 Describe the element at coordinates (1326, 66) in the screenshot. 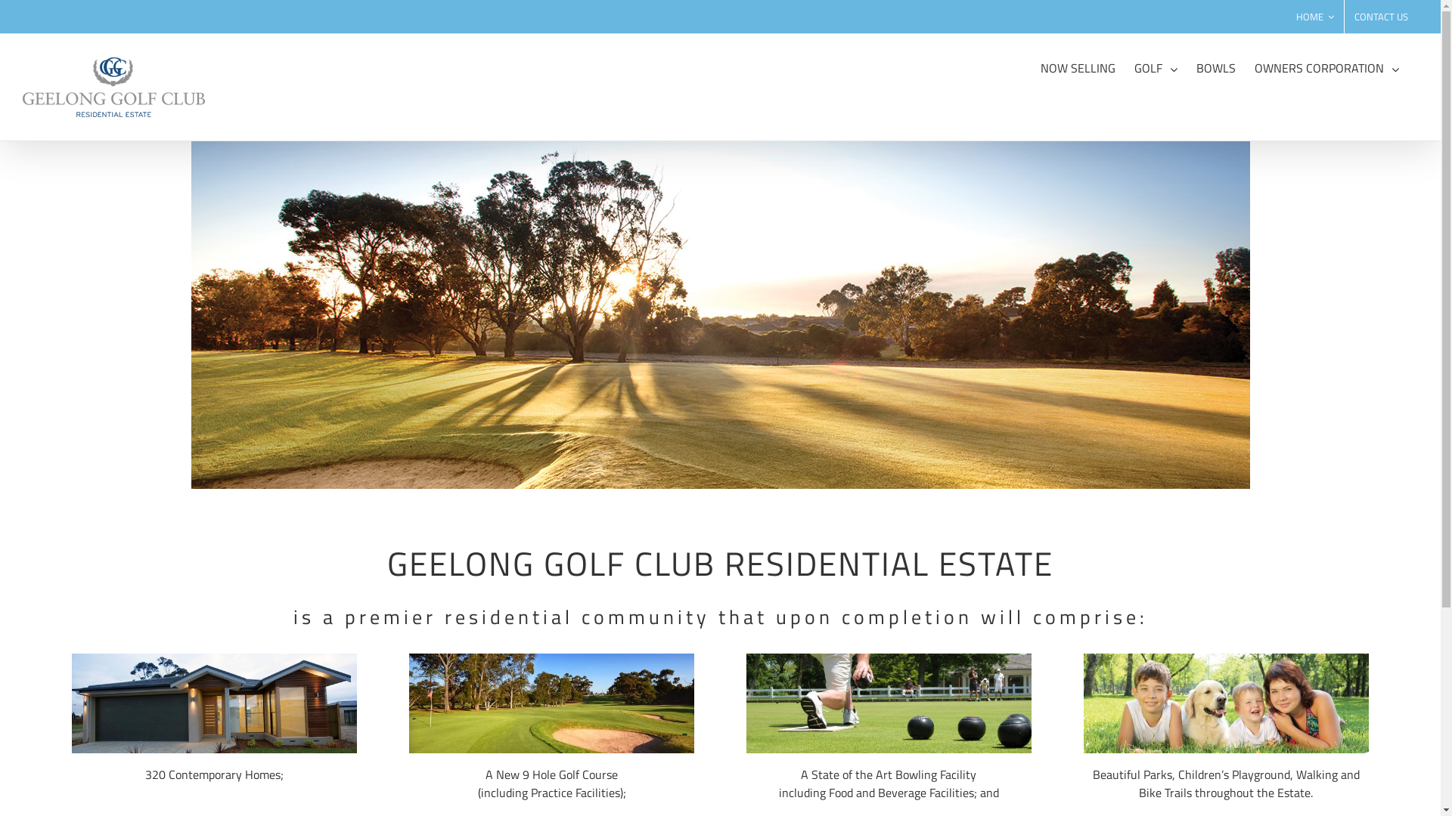

I see `'OWNERS CORPORATION'` at that location.